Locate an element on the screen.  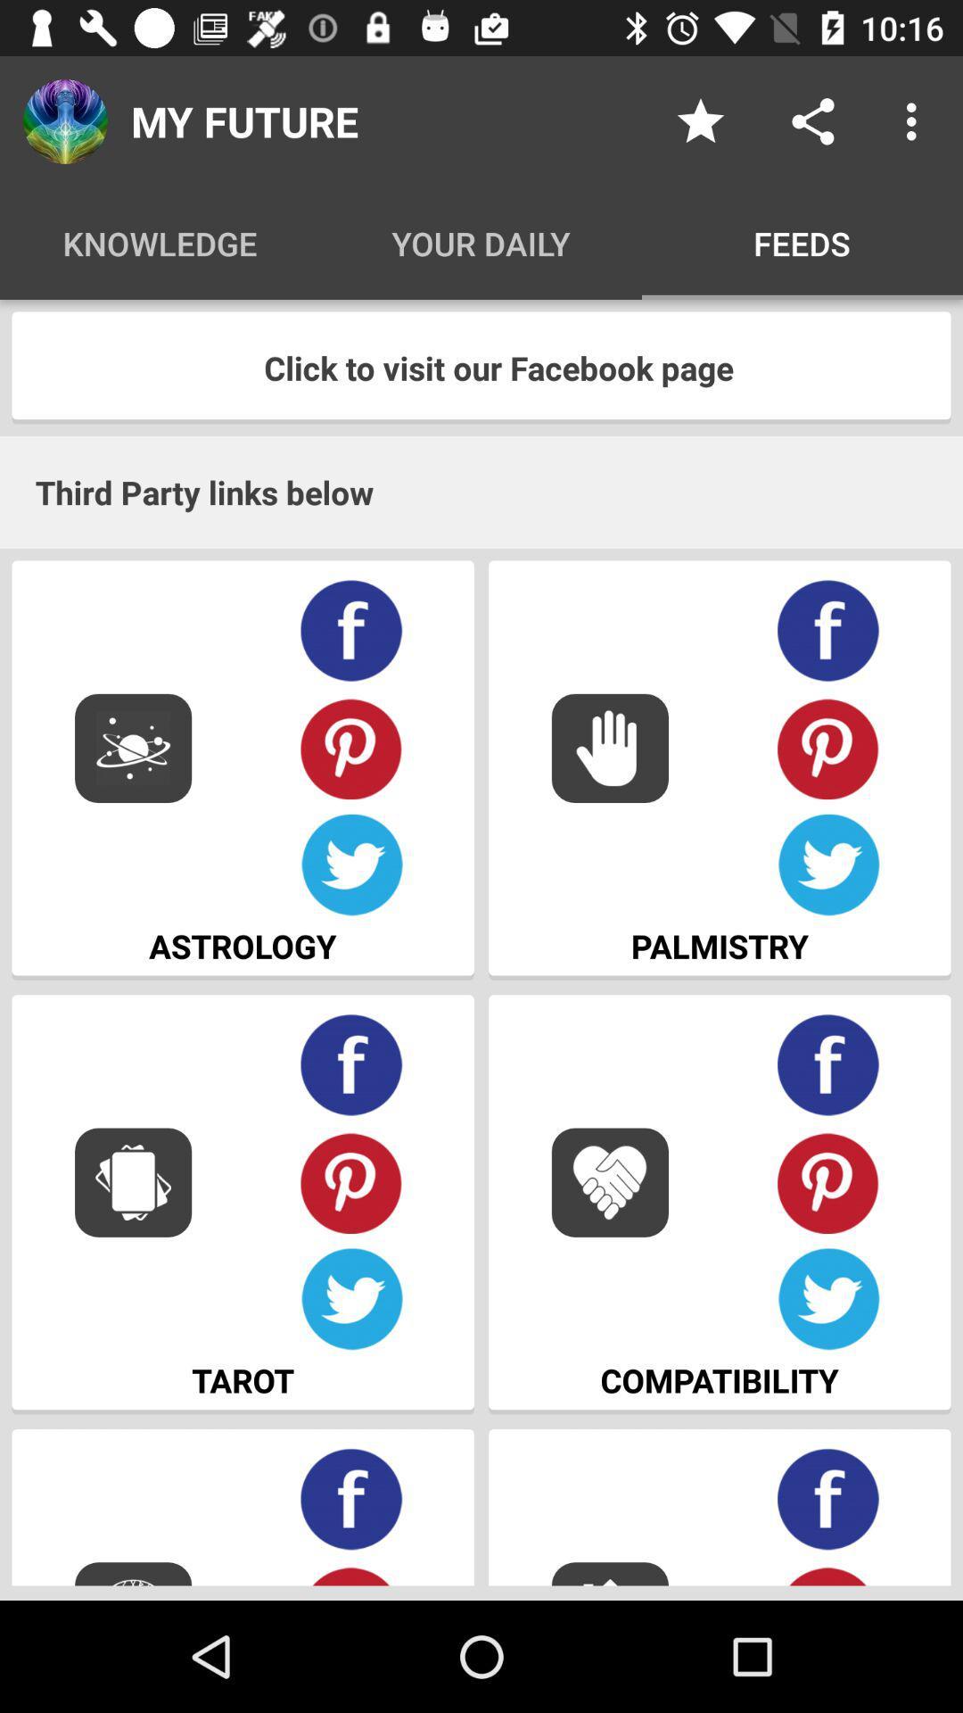
pinterest is located at coordinates (351, 748).